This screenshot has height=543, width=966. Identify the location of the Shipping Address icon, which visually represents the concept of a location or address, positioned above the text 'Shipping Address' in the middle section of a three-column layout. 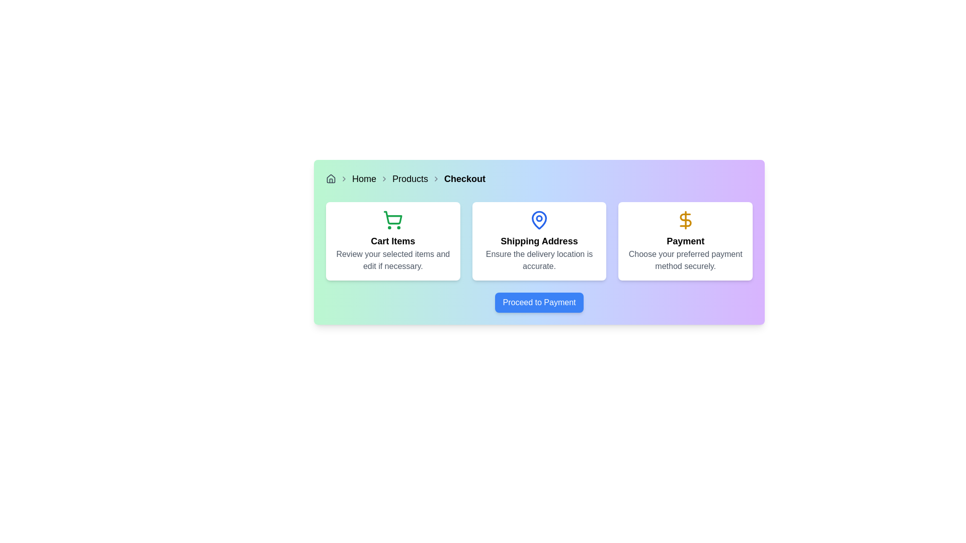
(538, 220).